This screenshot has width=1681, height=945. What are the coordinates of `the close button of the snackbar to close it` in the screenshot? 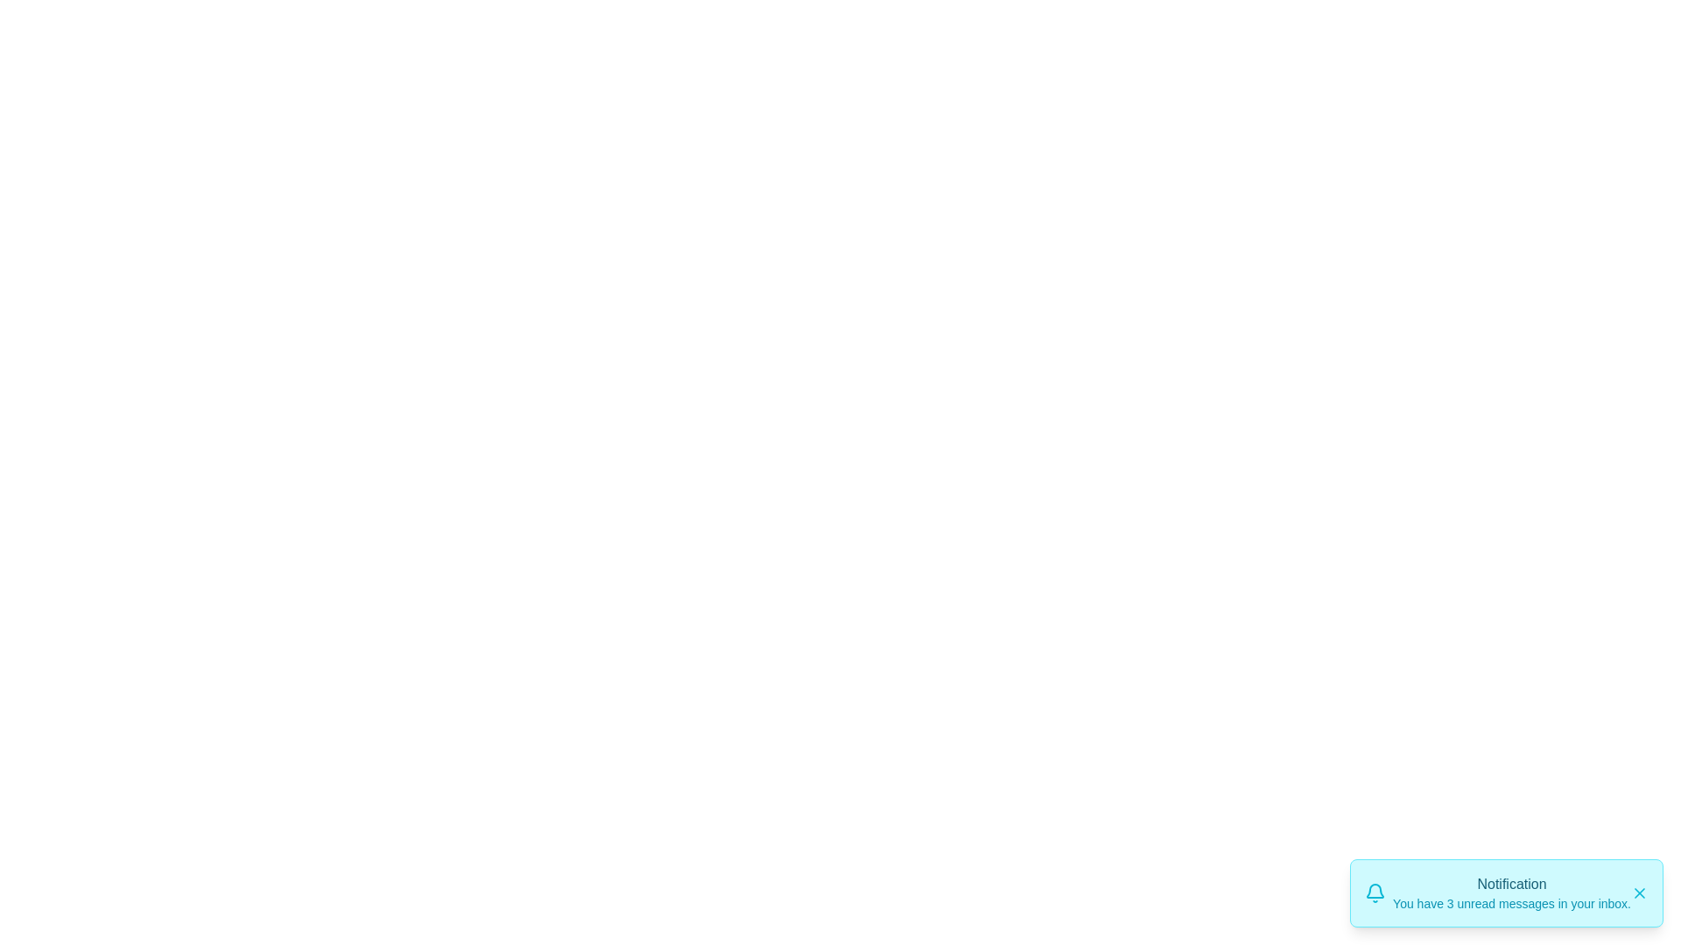 It's located at (1638, 893).